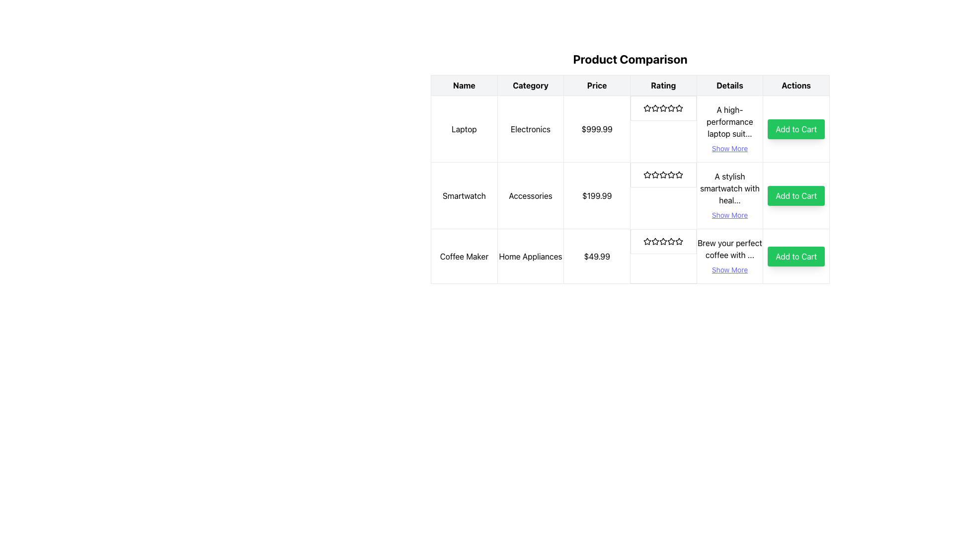  Describe the element at coordinates (671, 174) in the screenshot. I see `the third star icon in the rating system for the 'Smartwatch' product, which is part of a row of clickable stars used for ratings` at that location.